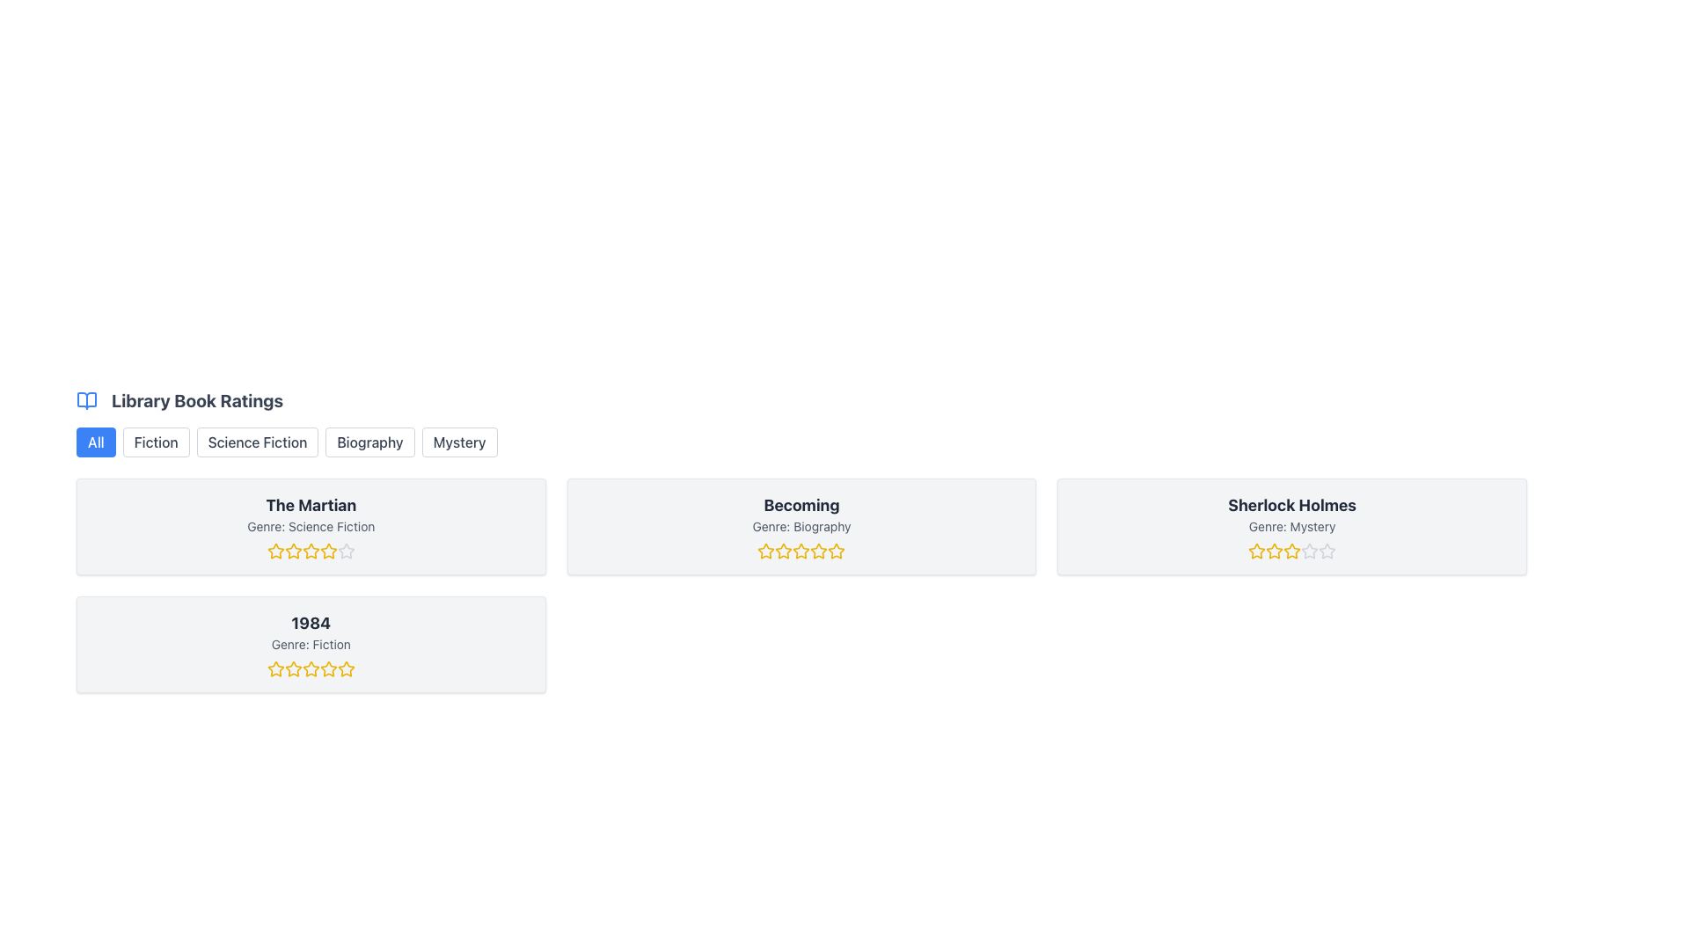 This screenshot has height=950, width=1689. Describe the element at coordinates (86, 400) in the screenshot. I see `the open book icon that is styled with a blue color fill, located to the left of the 'Library Book Ratings' heading` at that location.